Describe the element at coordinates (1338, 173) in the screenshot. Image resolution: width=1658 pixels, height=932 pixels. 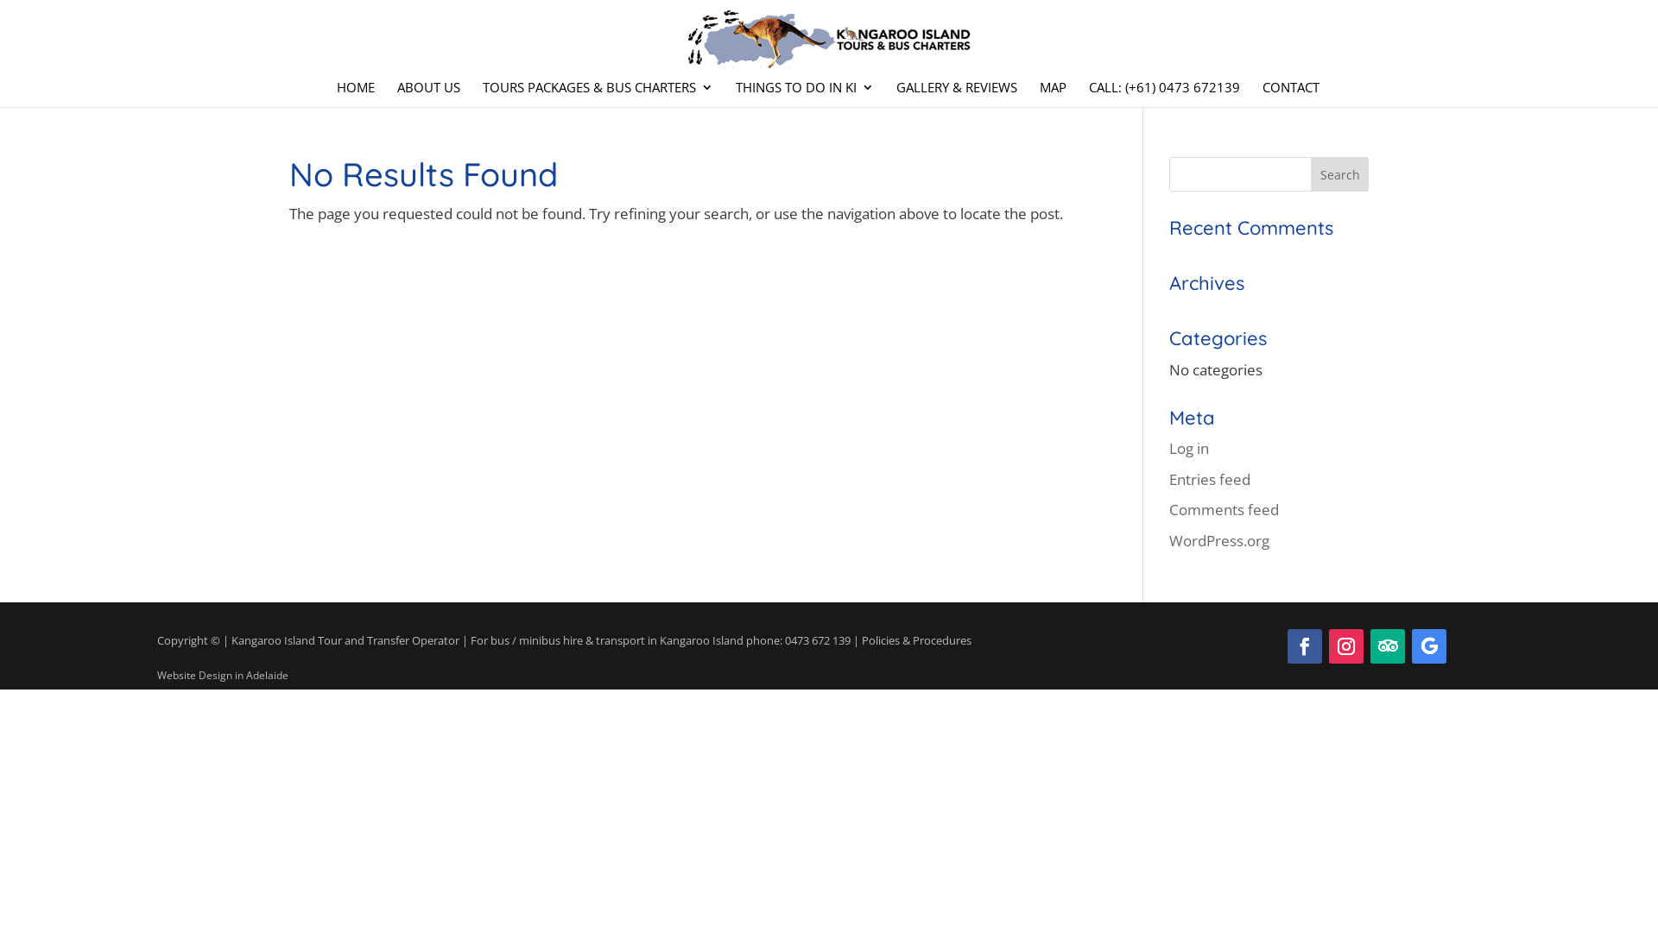
I see `'Search'` at that location.